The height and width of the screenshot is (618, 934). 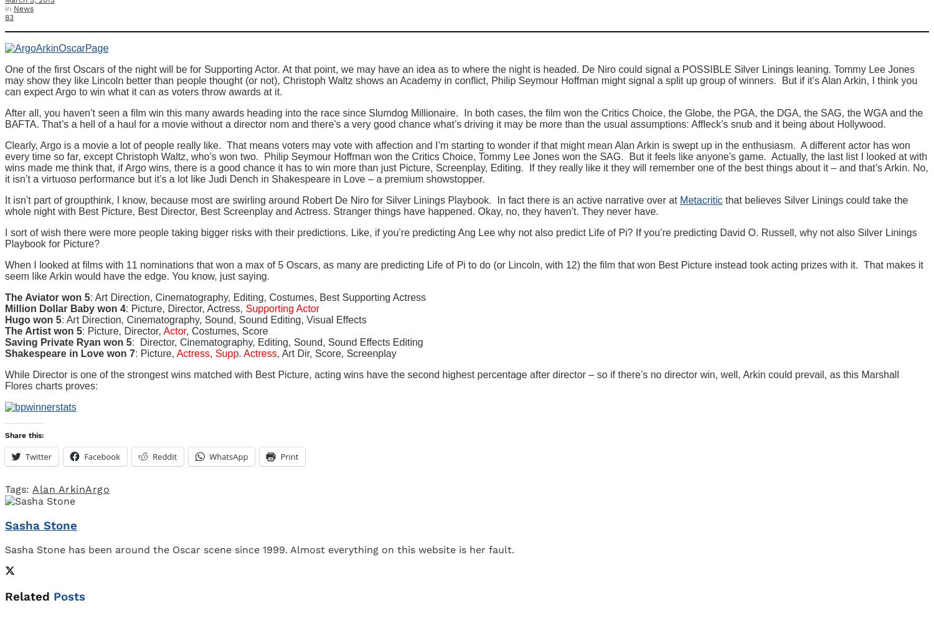 I want to click on 'Twitter', so click(x=38, y=456).